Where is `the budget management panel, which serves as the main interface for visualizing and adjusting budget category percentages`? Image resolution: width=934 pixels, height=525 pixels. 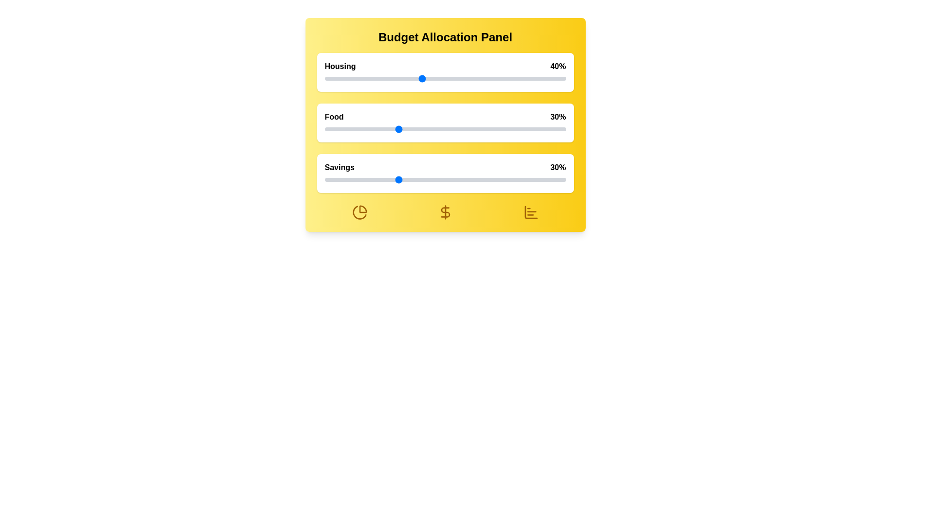
the budget management panel, which serves as the main interface for visualizing and adjusting budget category percentages is located at coordinates (445, 124).